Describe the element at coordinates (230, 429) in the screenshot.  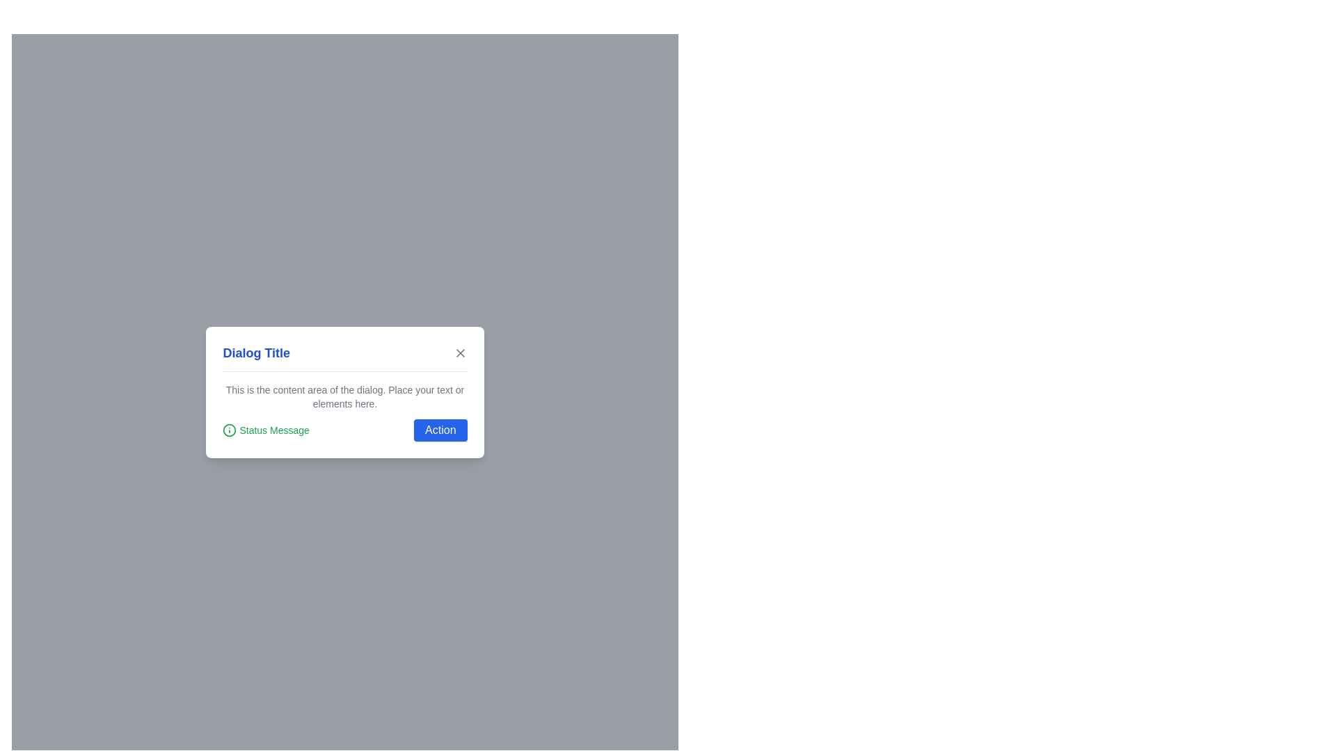
I see `the status icon (circle) located to the left of the 'Status Message' label within the dialog box` at that location.